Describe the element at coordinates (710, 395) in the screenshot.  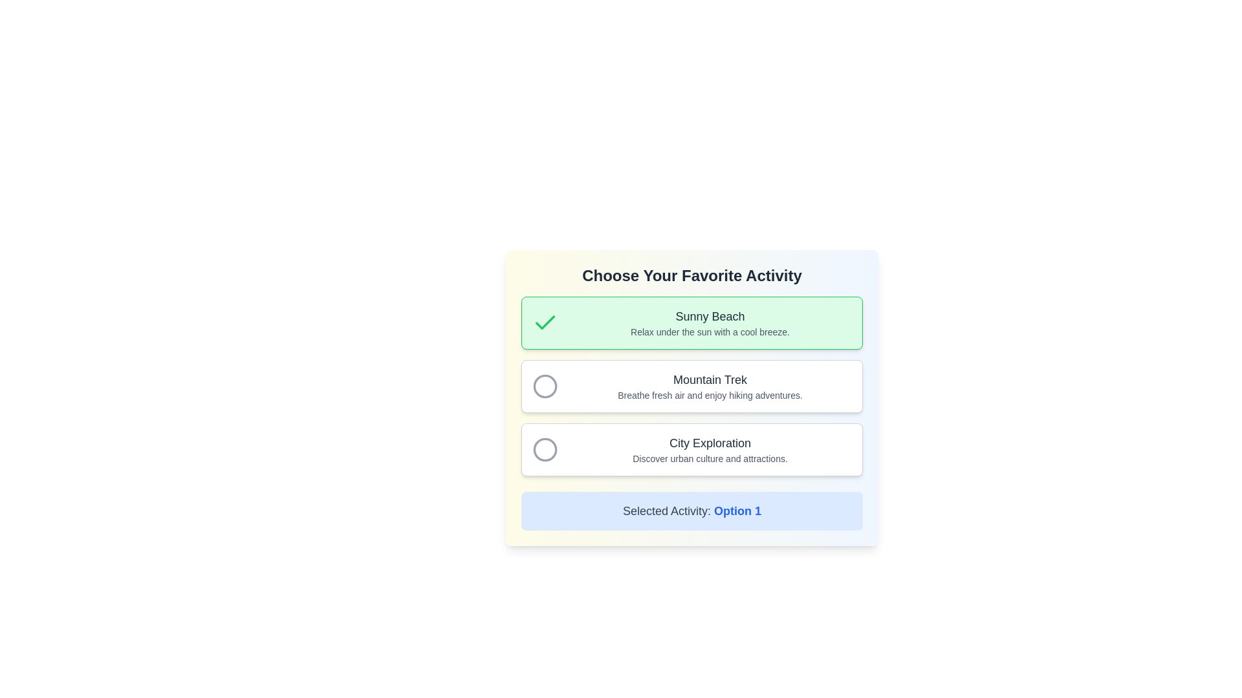
I see `the text element displaying 'Breathe fresh air and enjoy hiking adventures.' located below the 'Mountain Trek' header` at that location.